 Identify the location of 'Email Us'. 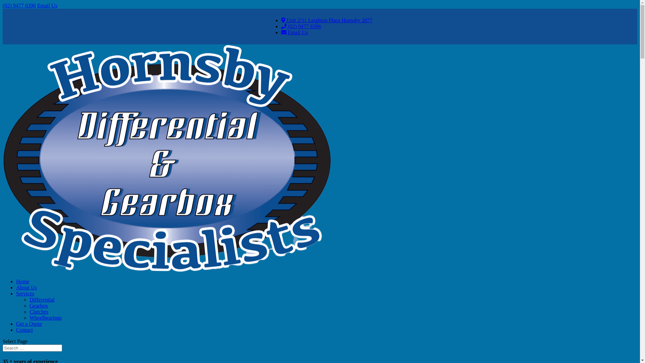
(295, 32).